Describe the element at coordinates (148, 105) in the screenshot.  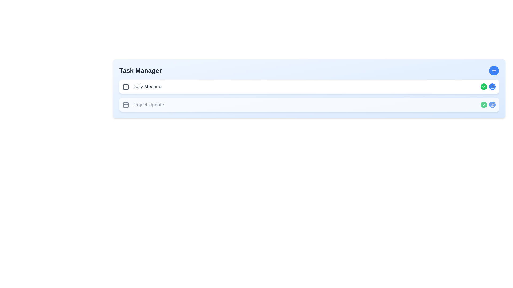
I see `the 'Project Update' text element, which displays a line-through effect and is styled in gray` at that location.